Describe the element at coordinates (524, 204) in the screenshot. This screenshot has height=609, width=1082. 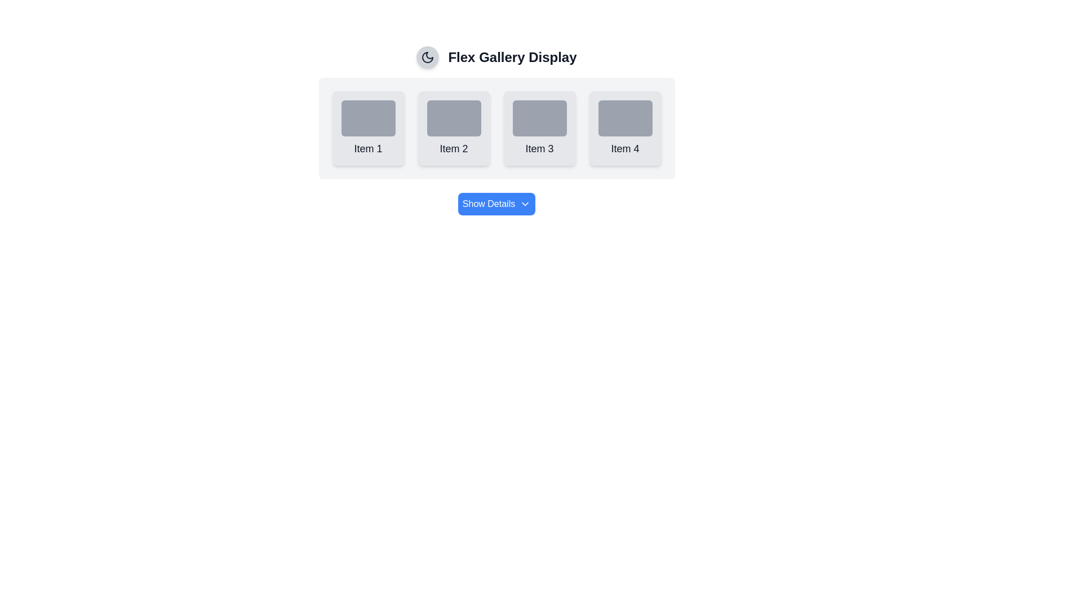
I see `the downward-pointing chevron icon located at the rightmost side of the 'Show Details' button` at that location.